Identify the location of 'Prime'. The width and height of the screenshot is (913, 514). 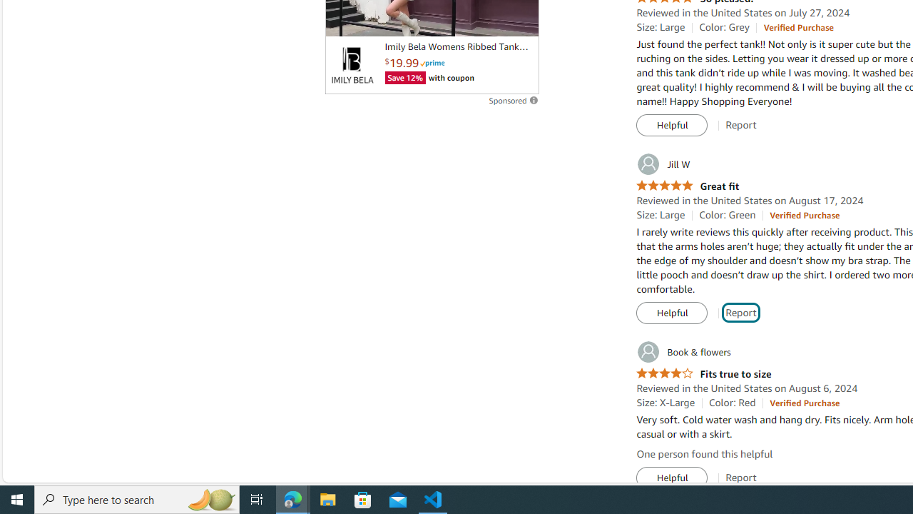
(432, 62).